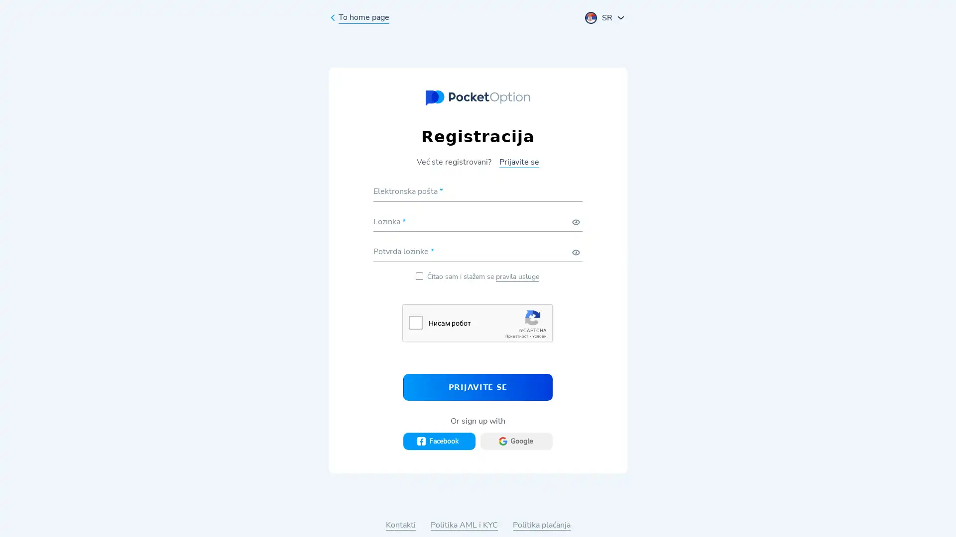 Image resolution: width=956 pixels, height=537 pixels. I want to click on PRIJAVITE SE, so click(478, 386).